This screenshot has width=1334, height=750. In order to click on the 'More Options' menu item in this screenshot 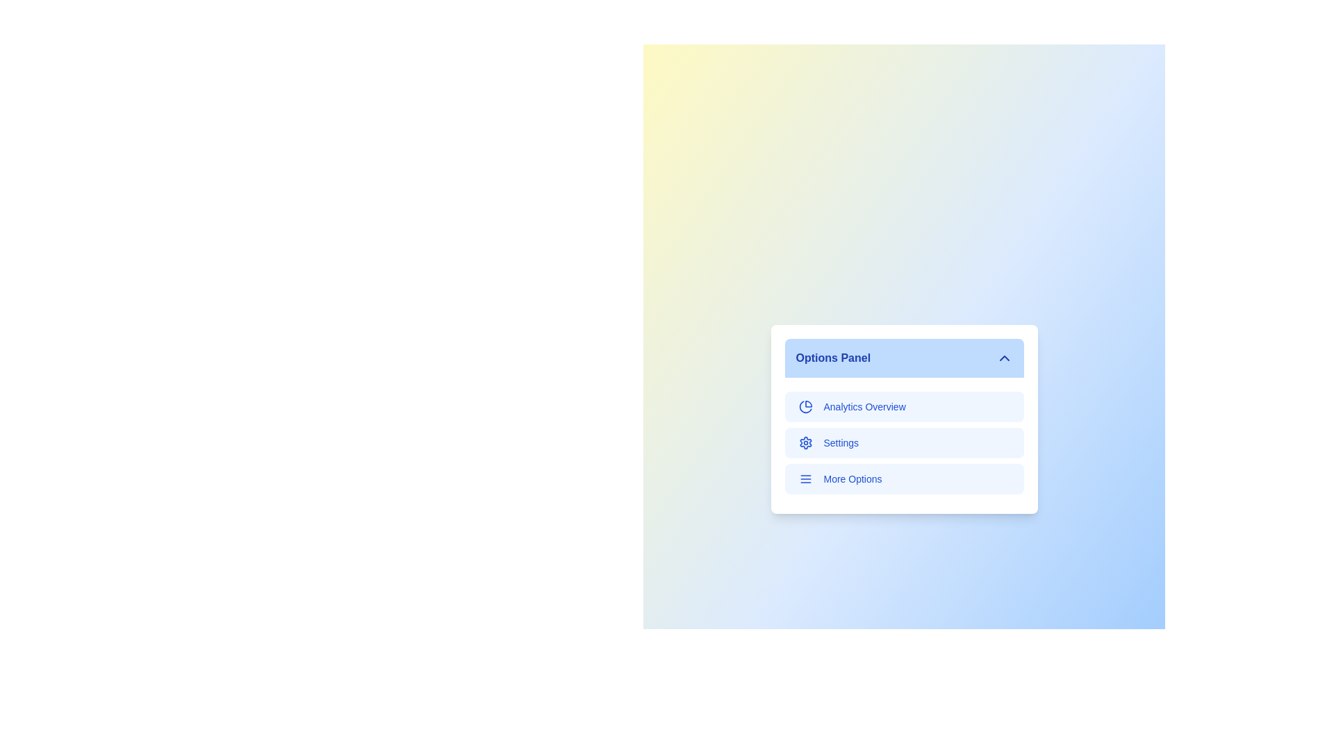, I will do `click(904, 478)`.